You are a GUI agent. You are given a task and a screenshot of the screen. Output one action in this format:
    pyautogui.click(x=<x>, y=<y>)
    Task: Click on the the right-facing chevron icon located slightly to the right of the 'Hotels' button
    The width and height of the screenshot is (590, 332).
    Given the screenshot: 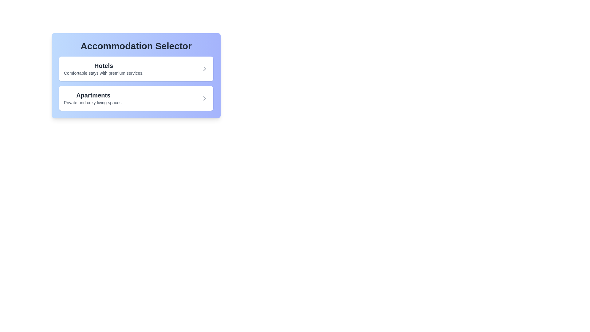 What is the action you would take?
    pyautogui.click(x=205, y=69)
    